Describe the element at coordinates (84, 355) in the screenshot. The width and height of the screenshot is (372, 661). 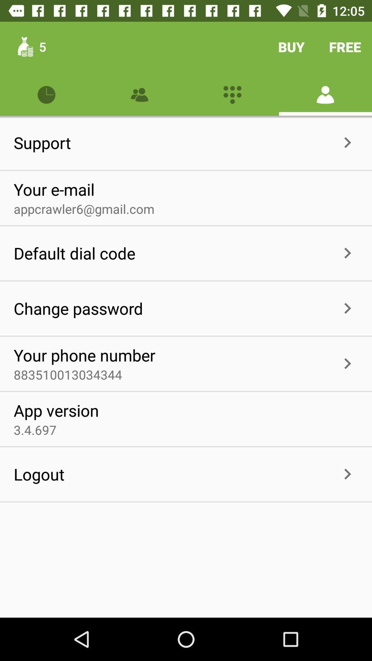
I see `icon above 883510013034344 item` at that location.